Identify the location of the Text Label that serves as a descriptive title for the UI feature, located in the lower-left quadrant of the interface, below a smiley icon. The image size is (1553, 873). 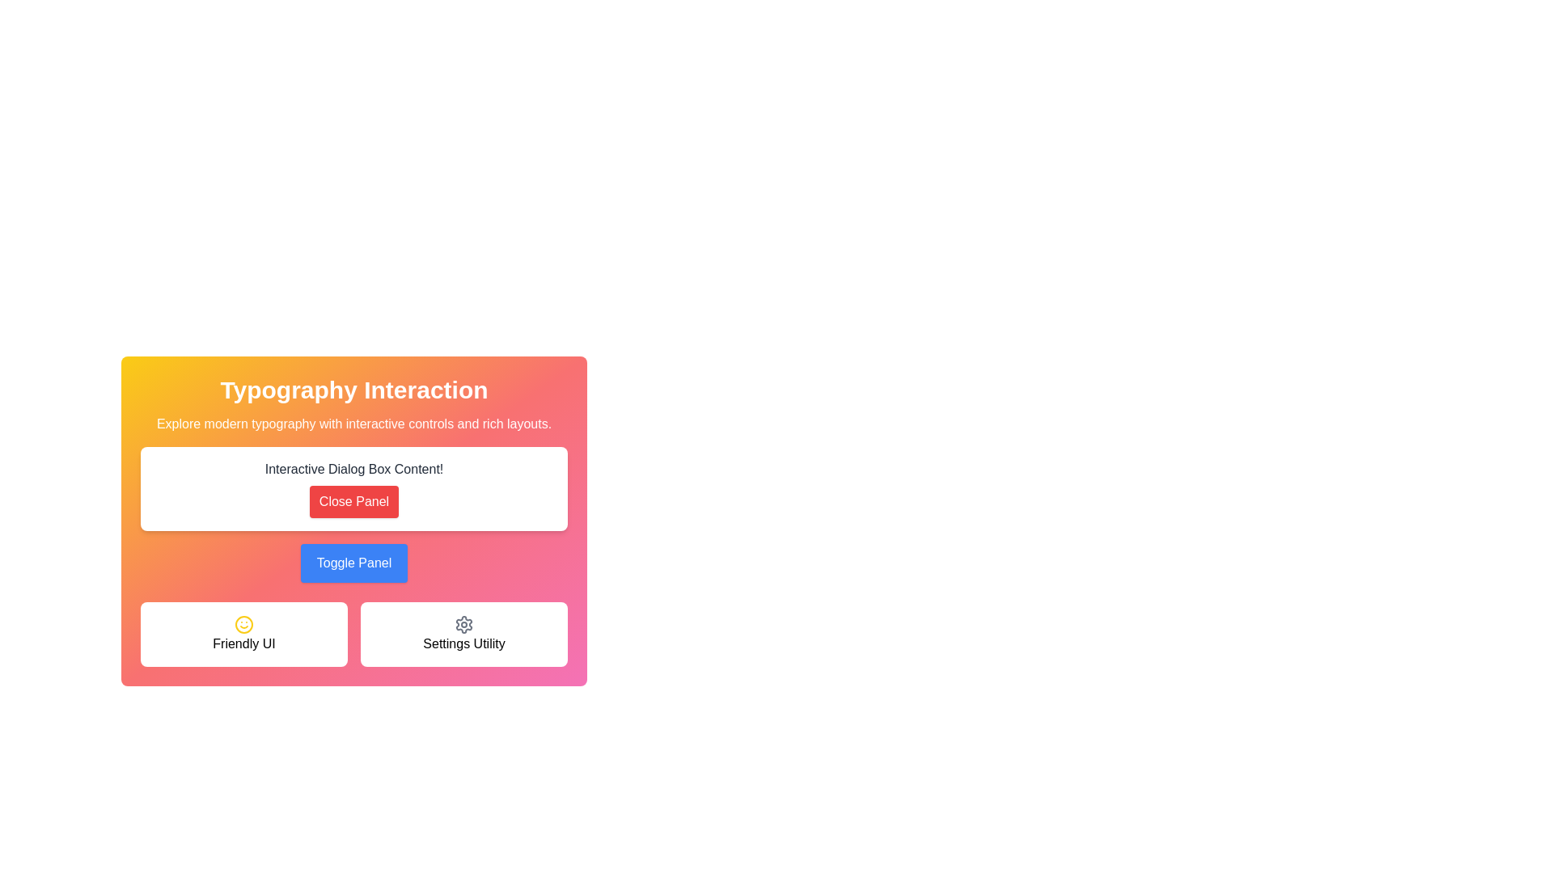
(243, 643).